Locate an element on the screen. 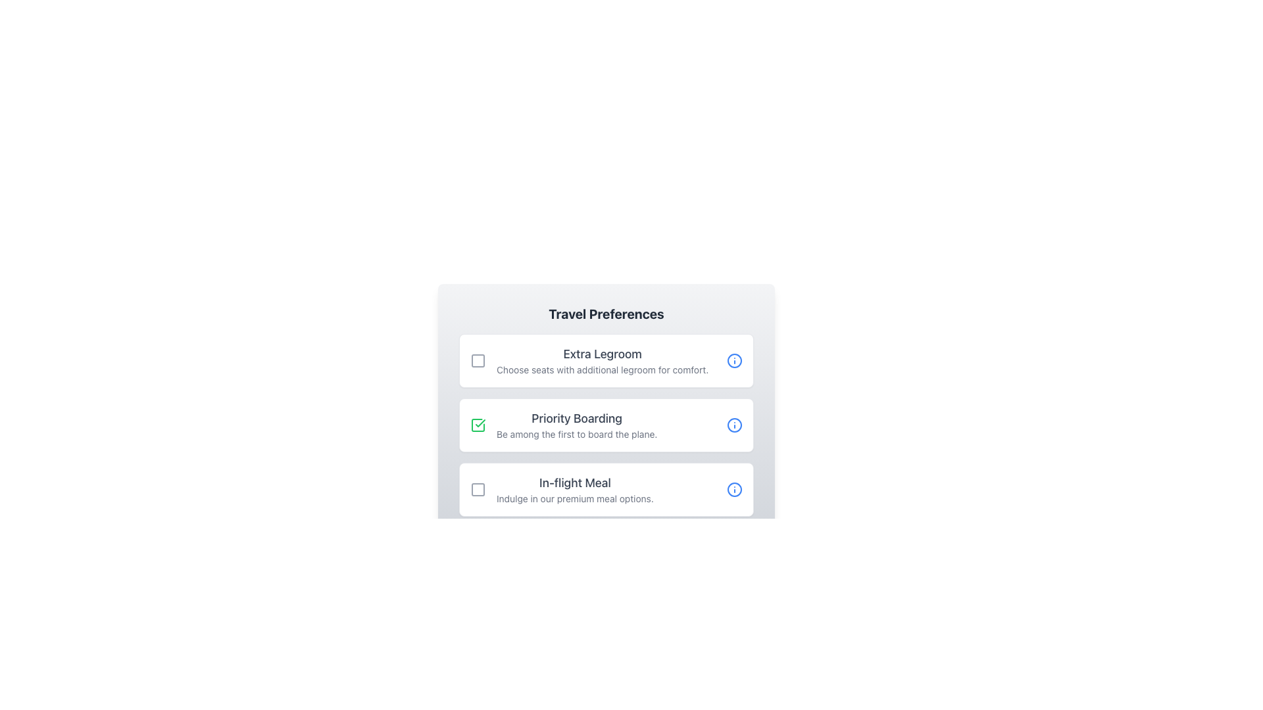 This screenshot has height=710, width=1263. on the 'Priority Boarding' checkbox option item, which features a green ticked checkbox and bold text is located at coordinates (605, 410).